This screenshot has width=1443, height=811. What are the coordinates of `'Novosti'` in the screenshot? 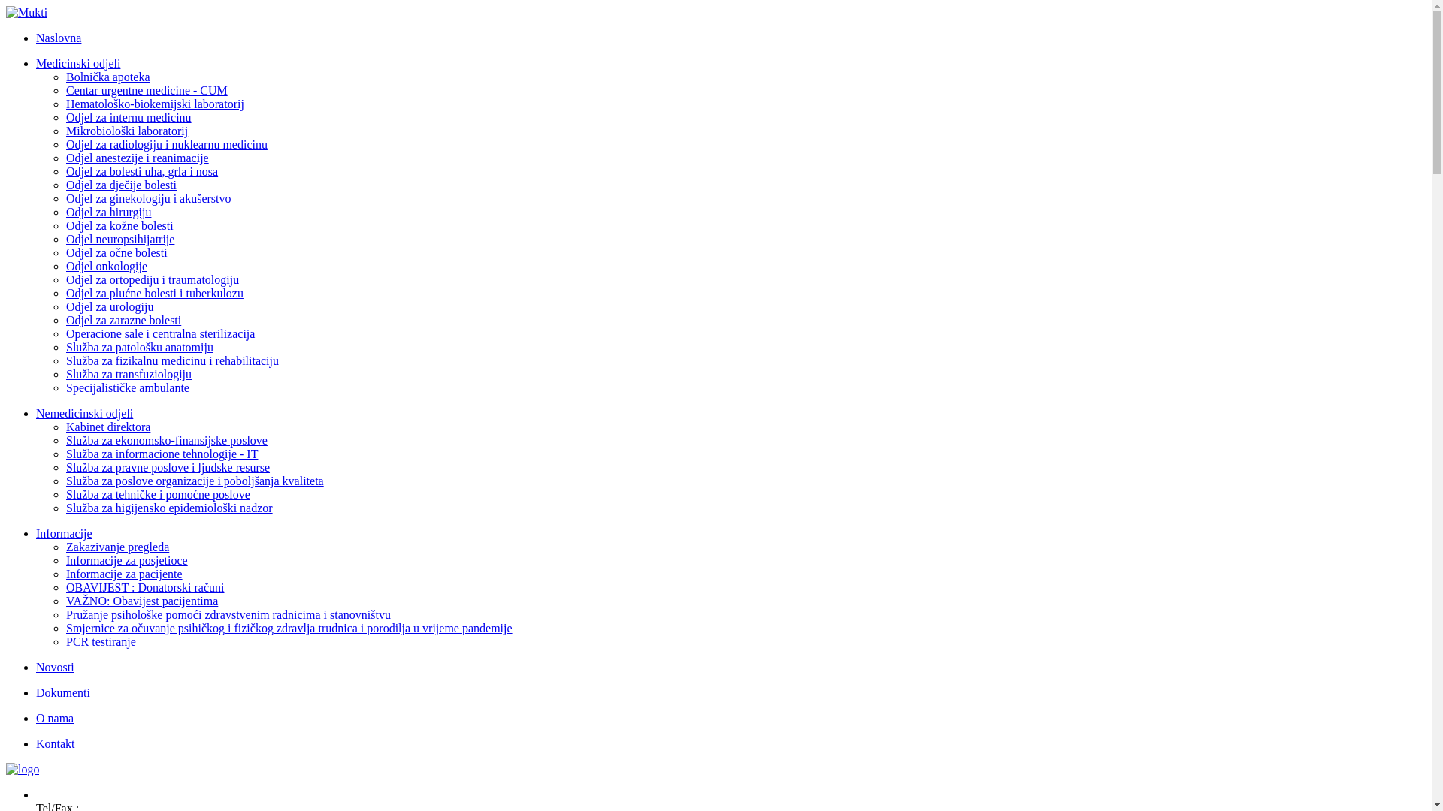 It's located at (55, 666).